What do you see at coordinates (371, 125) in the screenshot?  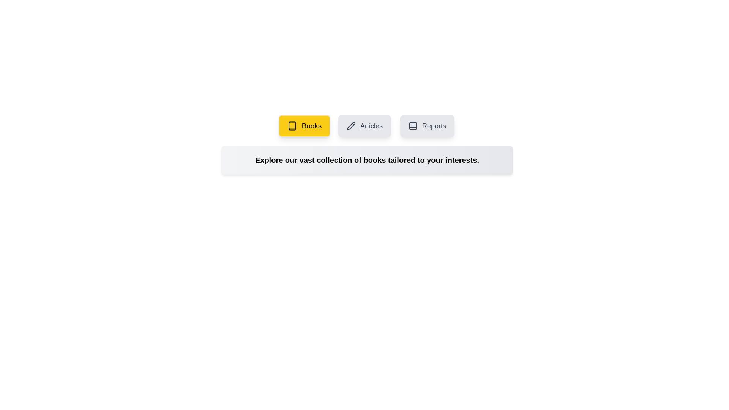 I see `text label 'Articles' which is styled in a medium-sized dark gray font and located within a light gray rectangular button at the center of the top row's button layout` at bounding box center [371, 125].